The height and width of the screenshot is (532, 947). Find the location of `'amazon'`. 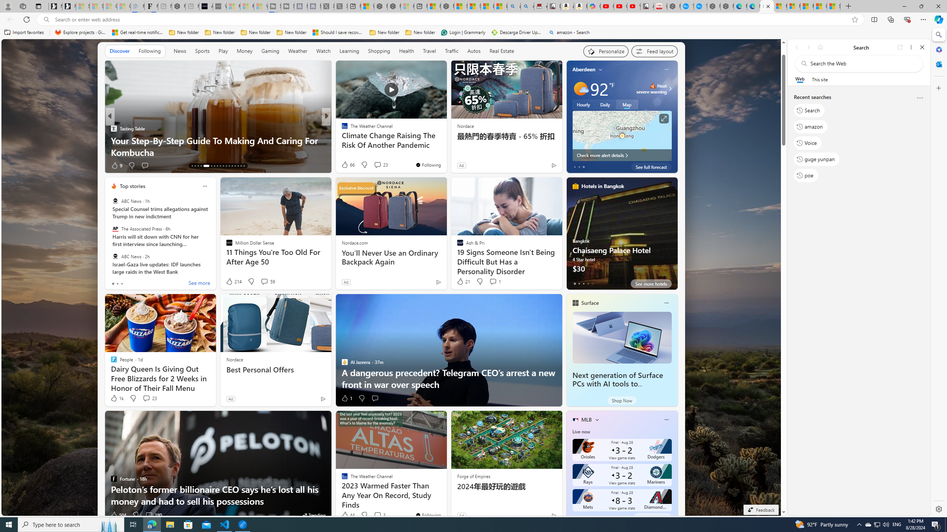

'amazon' is located at coordinates (810, 126).